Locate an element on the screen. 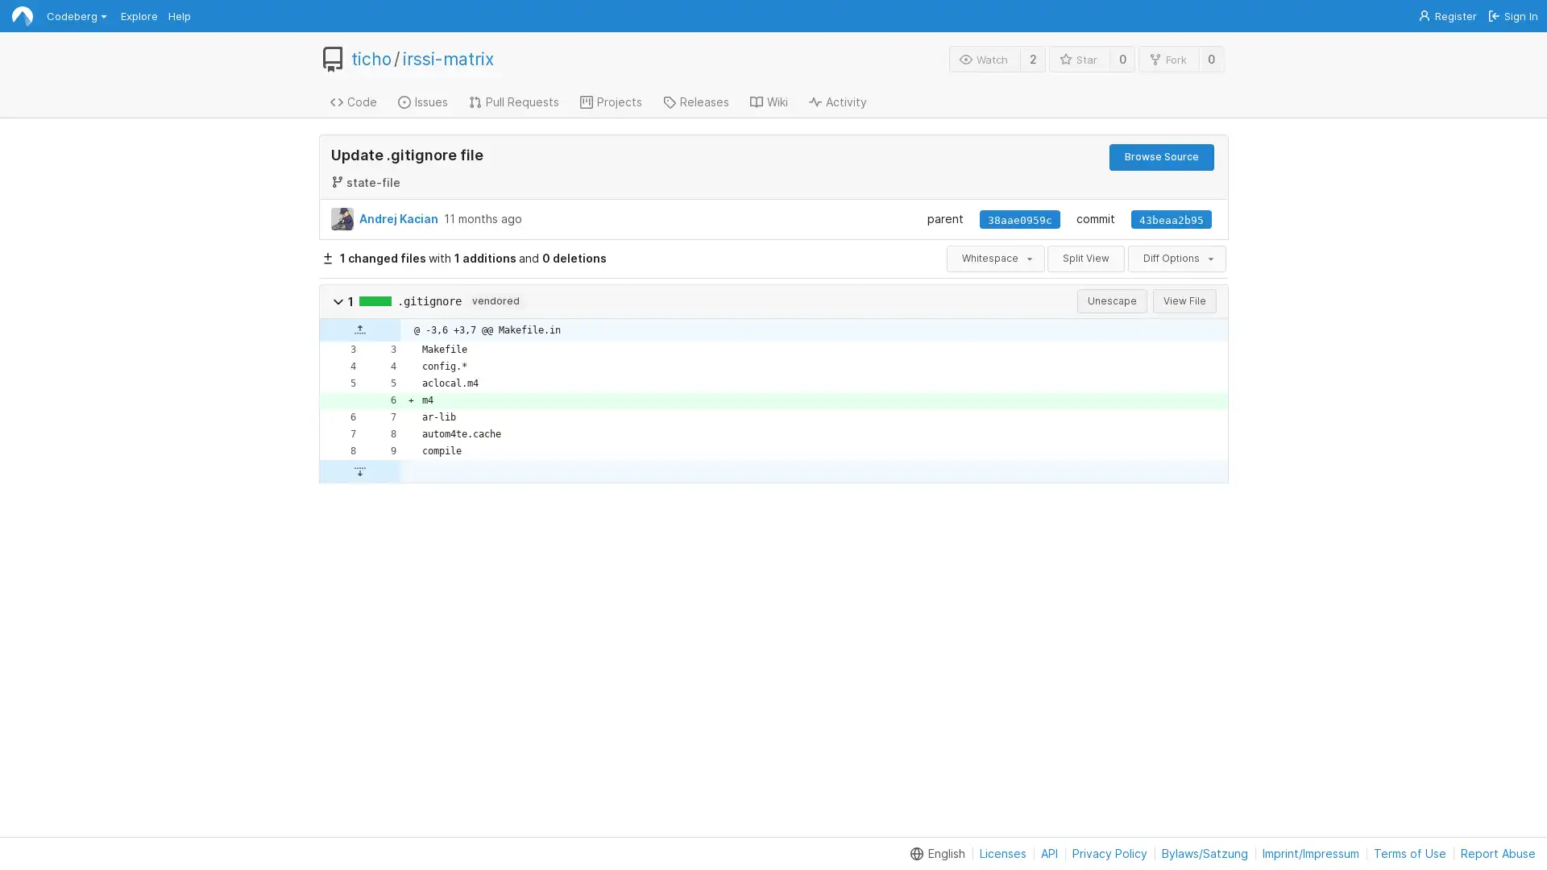 The width and height of the screenshot is (1547, 870). Watch is located at coordinates (984, 58).